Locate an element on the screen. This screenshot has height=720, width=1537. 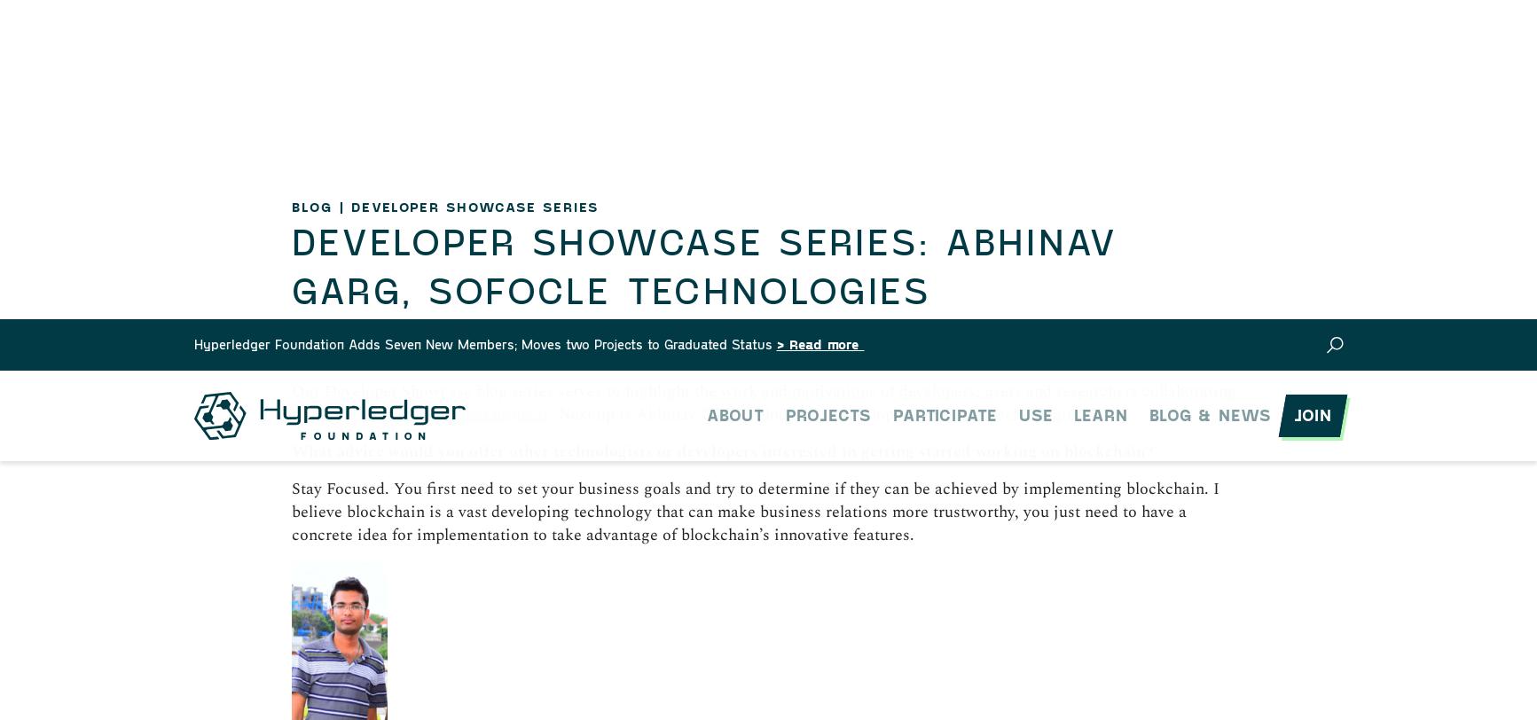
'New Series' is located at coordinates (1036, 189).